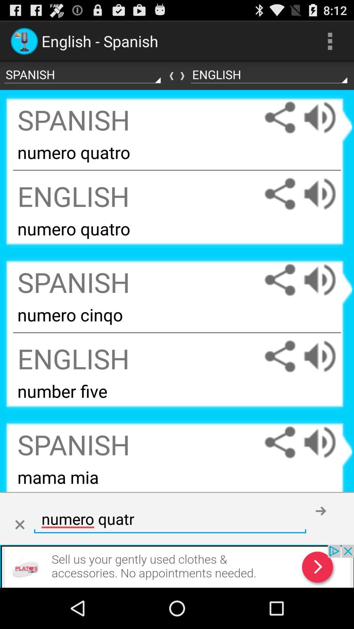  I want to click on share the article, so click(280, 117).